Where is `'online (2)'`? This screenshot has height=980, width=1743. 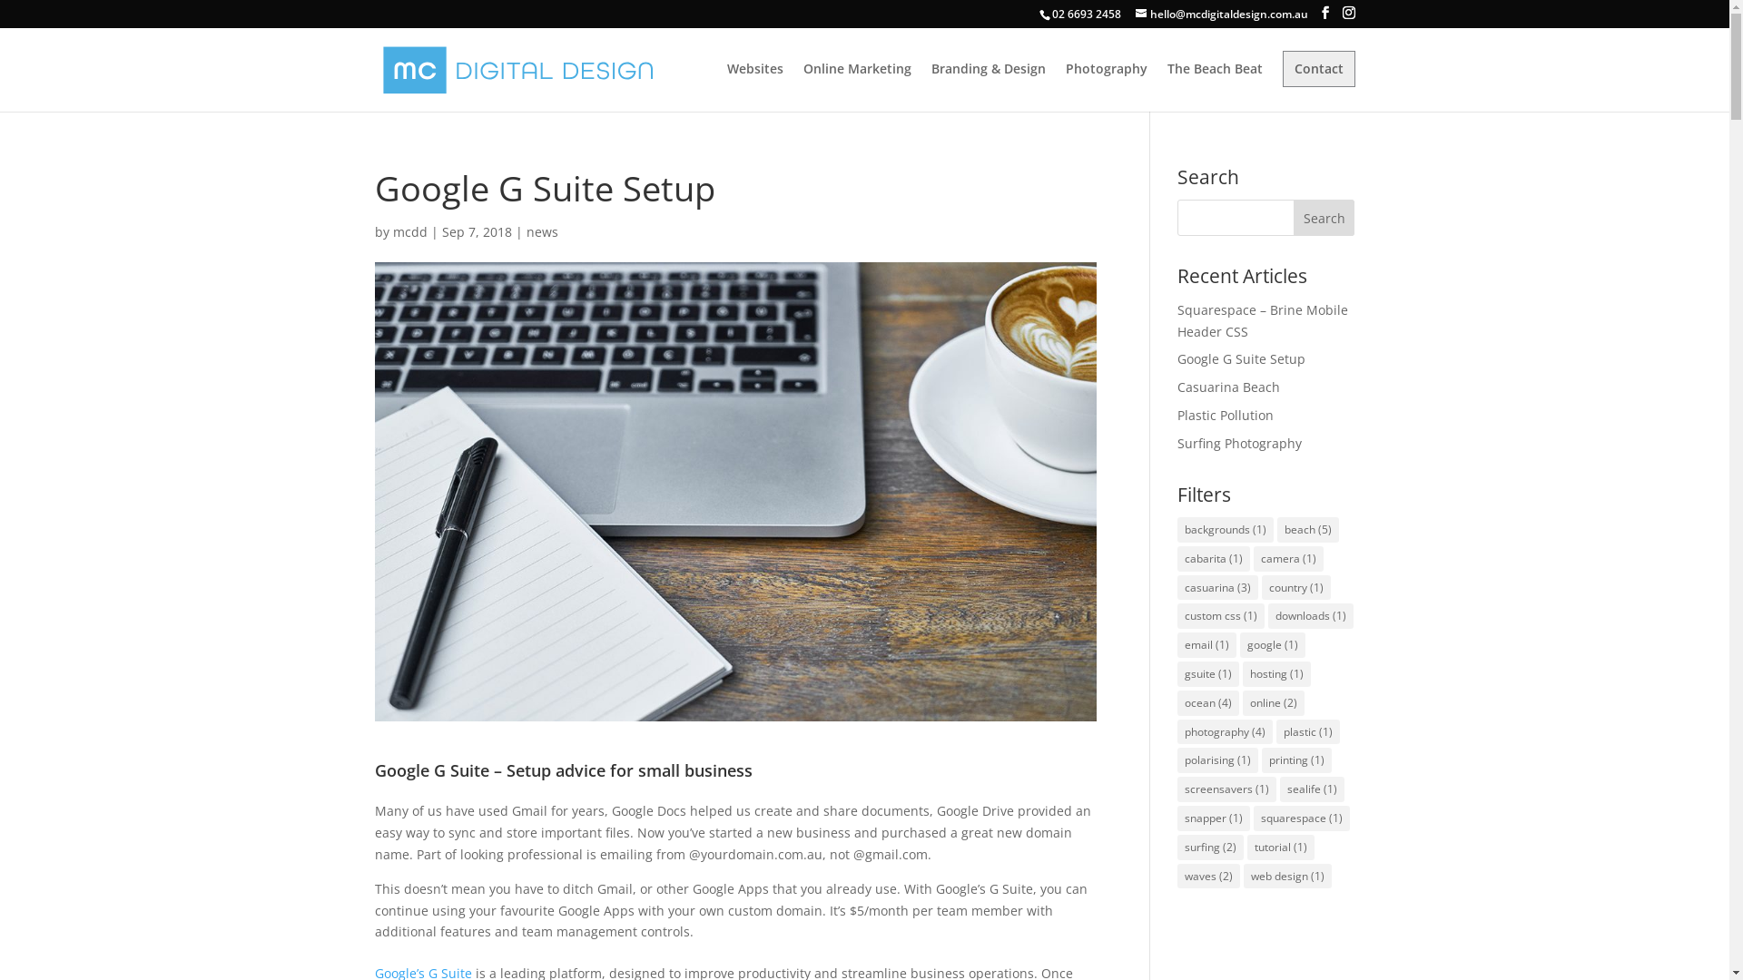
'online (2)' is located at coordinates (1272, 702).